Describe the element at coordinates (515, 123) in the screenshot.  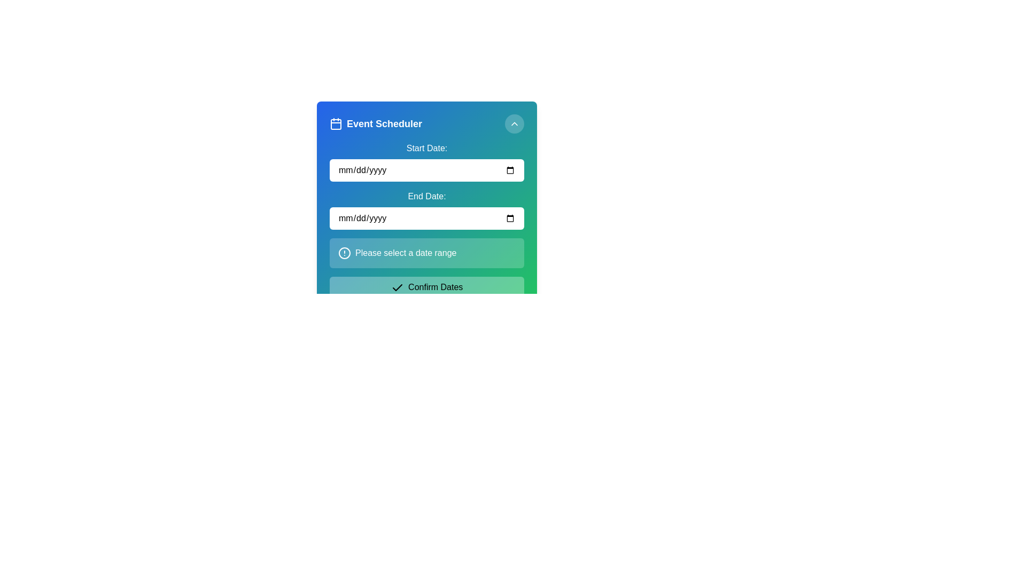
I see `the small, circular button with a semi-transparent white background and an upward-pointing chevron icon` at that location.